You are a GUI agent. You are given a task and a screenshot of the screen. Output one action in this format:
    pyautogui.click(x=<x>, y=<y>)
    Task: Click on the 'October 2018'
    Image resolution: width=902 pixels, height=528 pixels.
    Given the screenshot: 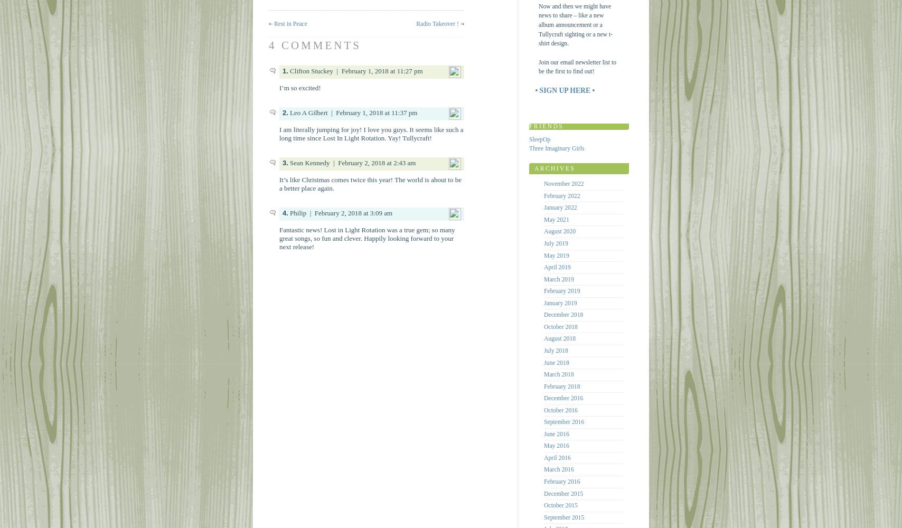 What is the action you would take?
    pyautogui.click(x=560, y=326)
    